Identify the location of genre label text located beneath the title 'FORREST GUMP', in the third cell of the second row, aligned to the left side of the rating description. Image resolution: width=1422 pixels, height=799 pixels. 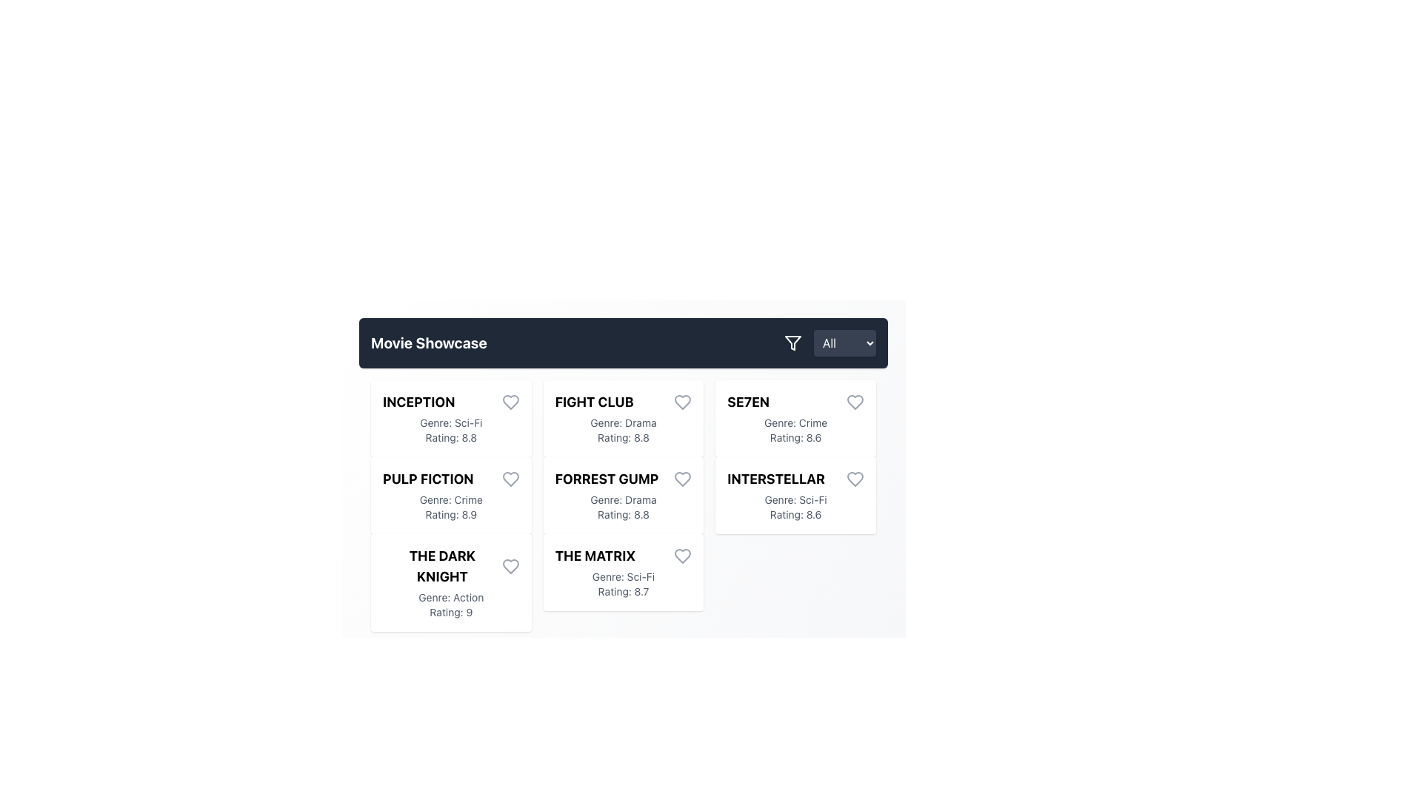
(641, 499).